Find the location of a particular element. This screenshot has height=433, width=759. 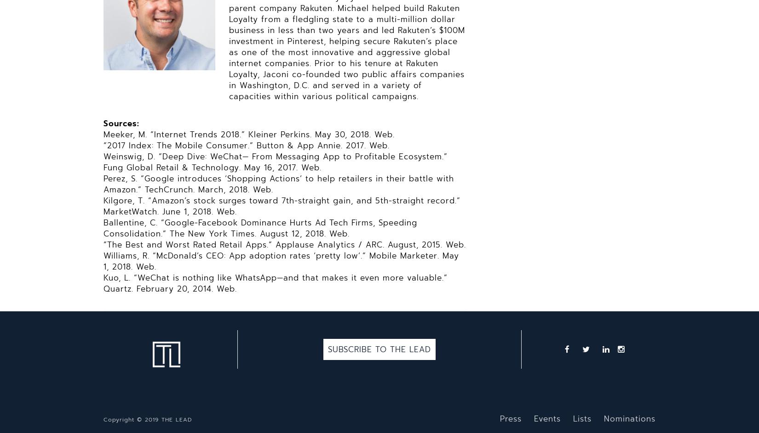

'Kilgore, T. “Amazon’s stock surges toward 7th-straight gain, and 5th-straight record.” MarketWatch. June 1, 2018. Web.' is located at coordinates (281, 206).